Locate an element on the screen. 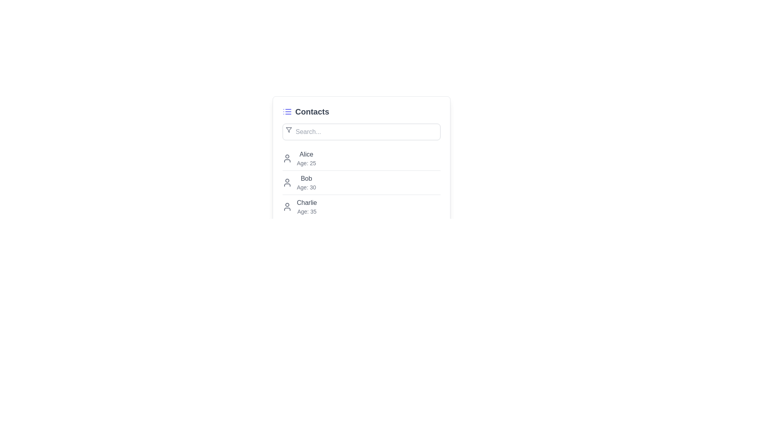 The image size is (762, 428). to select the list item displaying information about an individual, located between 'Alice' and 'Charlie' is located at coordinates (361, 183).